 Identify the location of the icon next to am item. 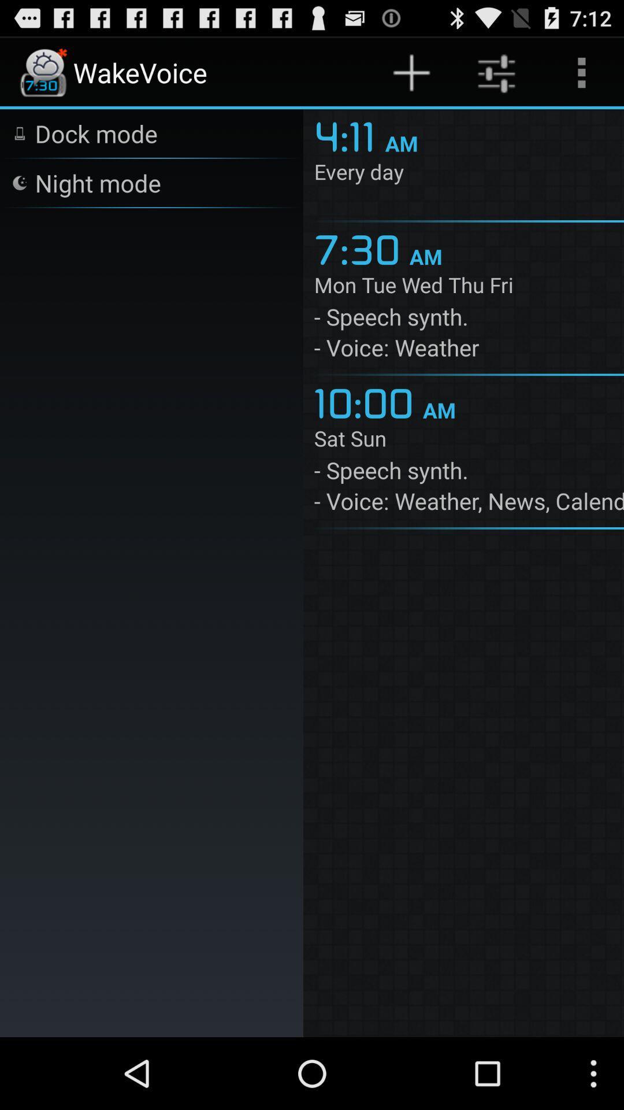
(368, 401).